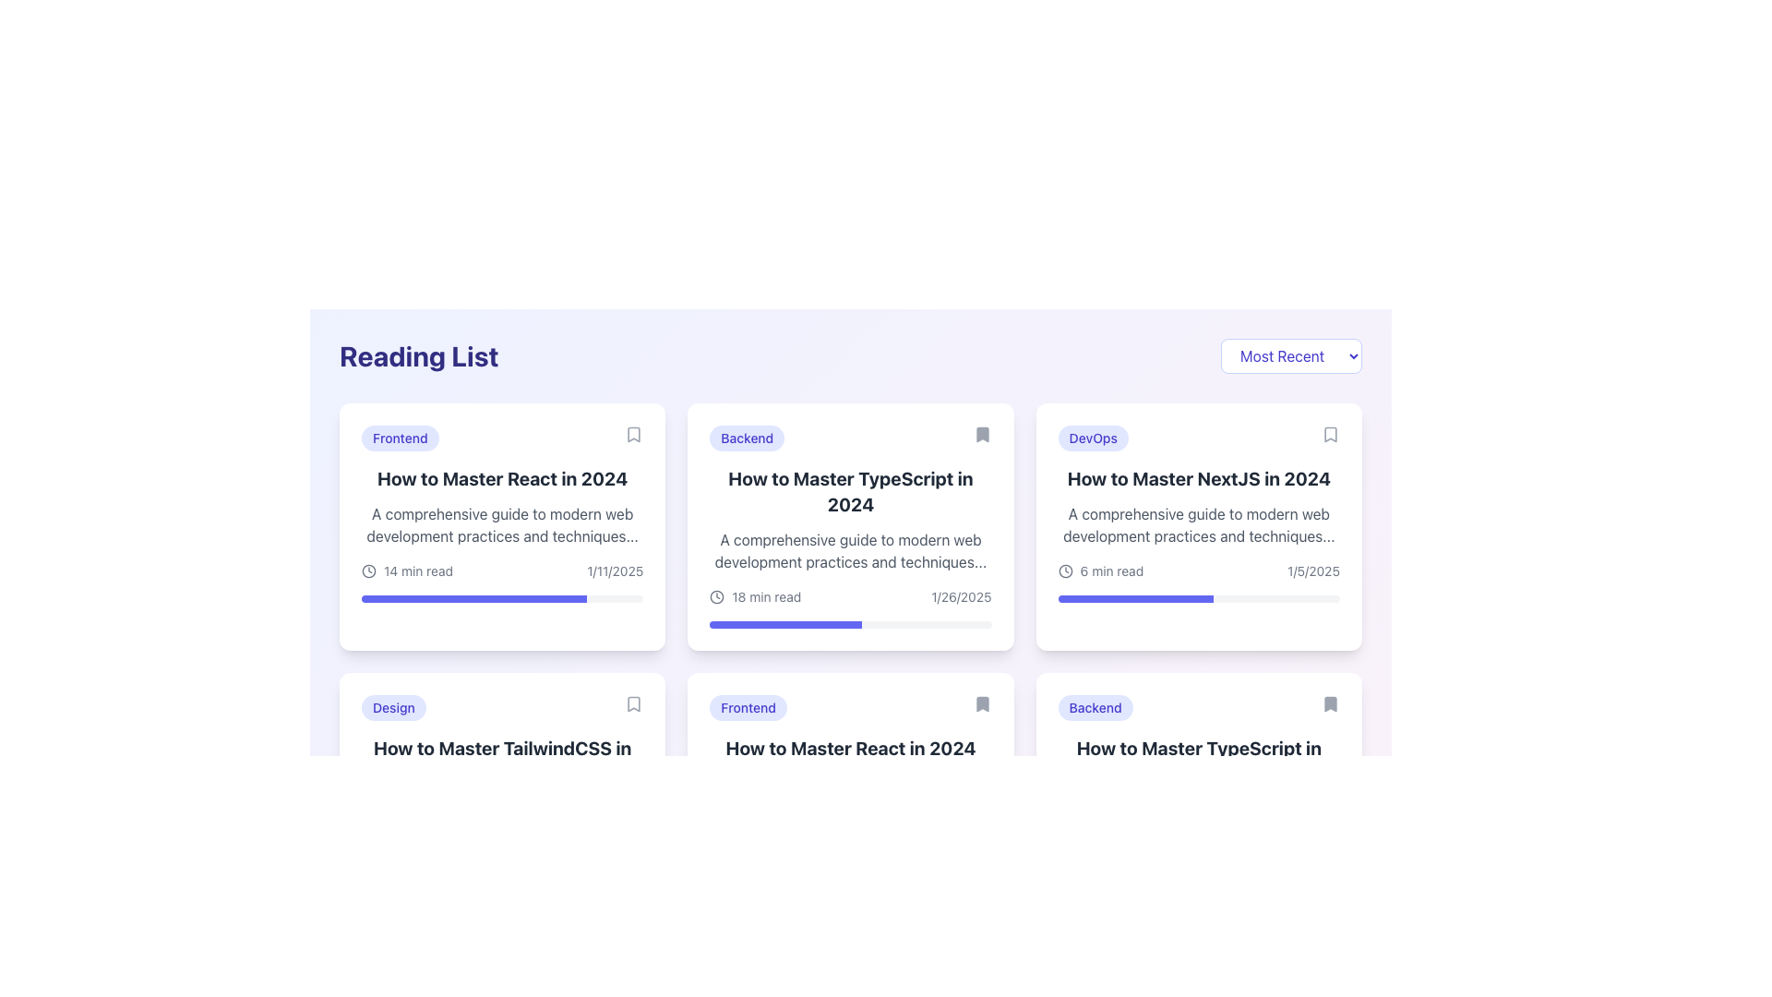 This screenshot has height=997, width=1772. Describe the element at coordinates (406, 570) in the screenshot. I see `the read-time indicator element, which consists of a clock icon and the text '14 min read', located at the bottom left corner of the card labeled 'How to Master React in 2024'` at that location.